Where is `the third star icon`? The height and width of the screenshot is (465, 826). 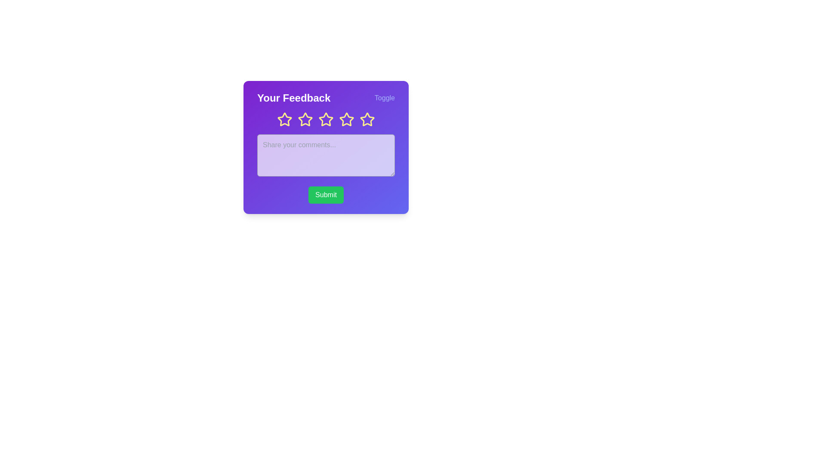 the third star icon is located at coordinates (326, 119).